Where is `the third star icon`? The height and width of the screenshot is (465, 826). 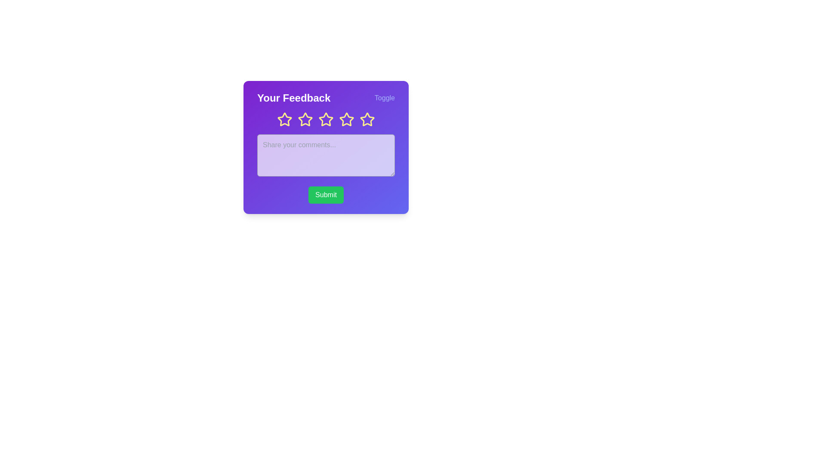 the third star icon is located at coordinates (326, 119).